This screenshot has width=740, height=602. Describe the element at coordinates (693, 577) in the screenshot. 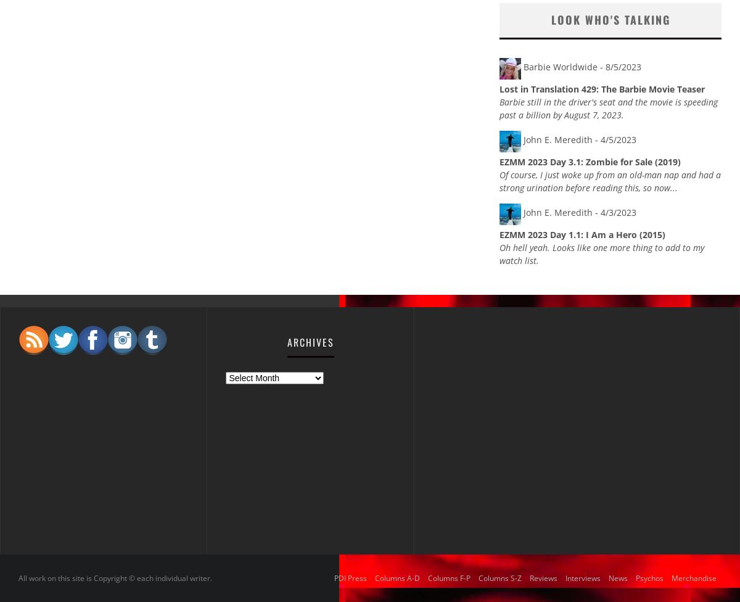

I see `'Merchandise'` at that location.